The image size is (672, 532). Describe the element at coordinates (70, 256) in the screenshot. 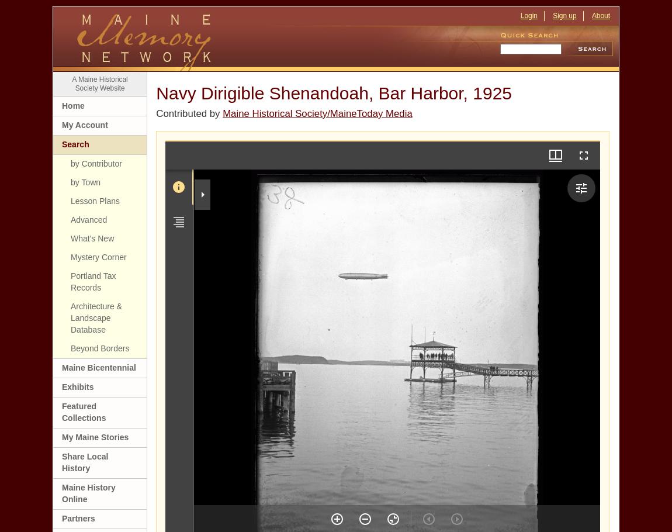

I see `'Mystery Corner'` at that location.